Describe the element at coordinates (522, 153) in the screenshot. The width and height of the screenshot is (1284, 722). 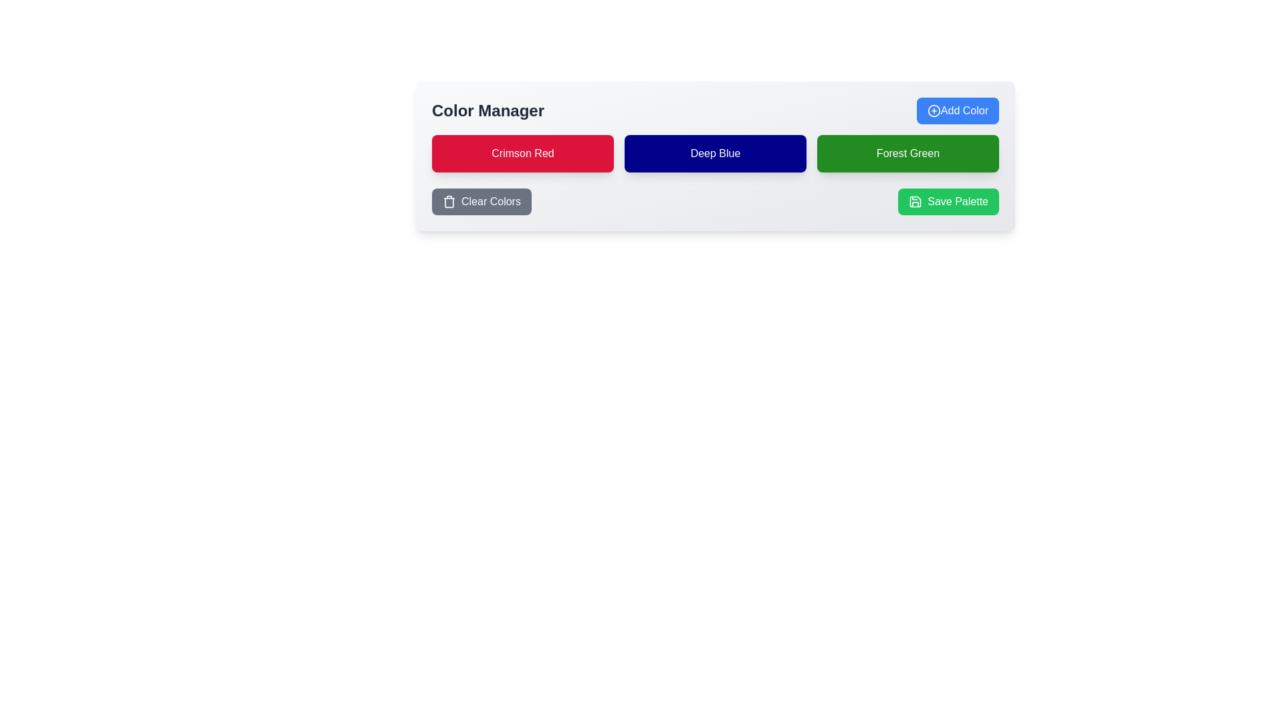
I see `the 'Crimson Red' button` at that location.